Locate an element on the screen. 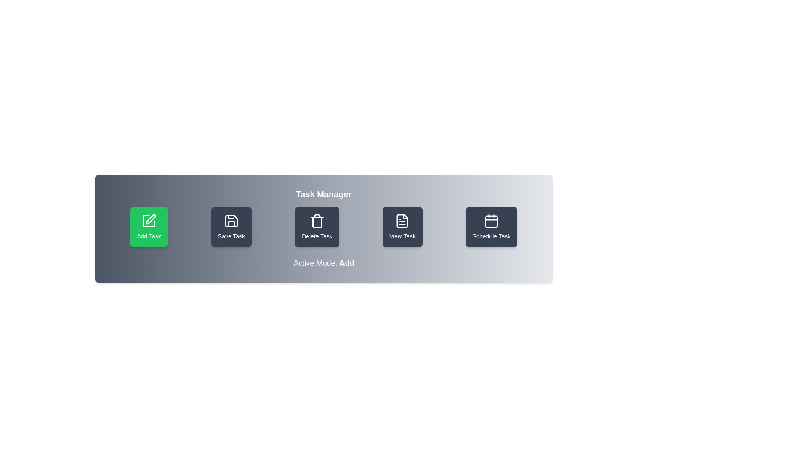 The width and height of the screenshot is (808, 455). the button labeled 'Schedule Task' to observe its hover effect is located at coordinates (491, 227).